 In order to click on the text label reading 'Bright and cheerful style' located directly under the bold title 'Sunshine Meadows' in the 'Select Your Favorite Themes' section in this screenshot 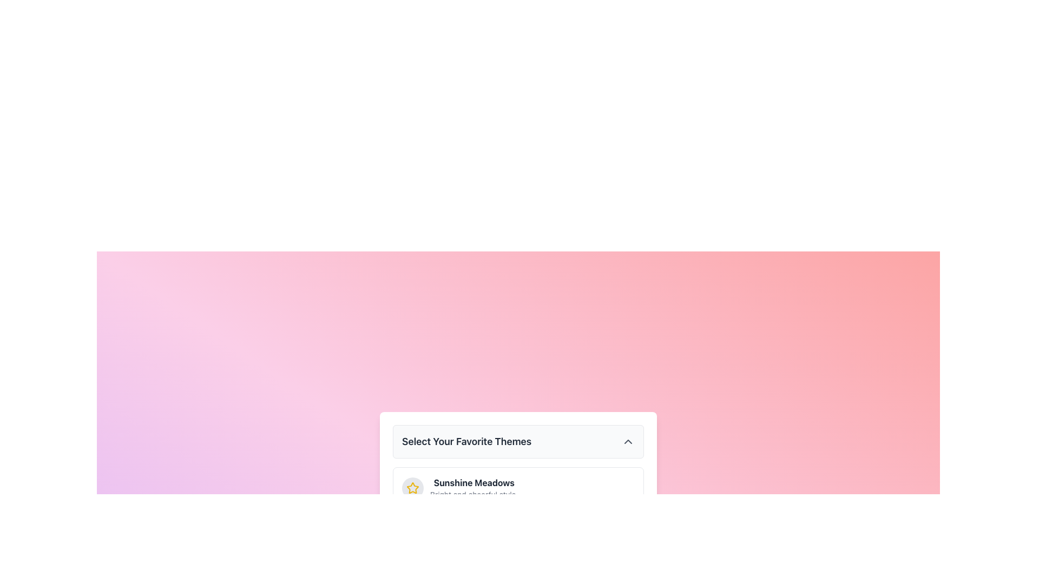, I will do `click(474, 494)`.